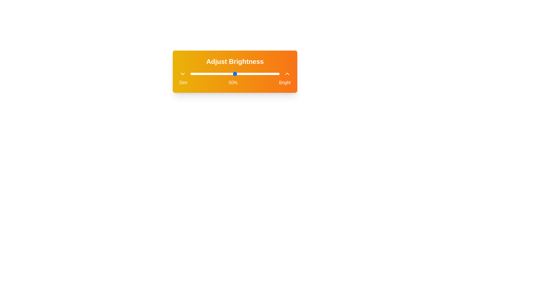  What do you see at coordinates (235, 82) in the screenshot?
I see `the Label element displaying 'Dim 50% Bright', which is styled in white and aligned horizontally below the 'Adjust Brightness' text and slider interface` at bounding box center [235, 82].